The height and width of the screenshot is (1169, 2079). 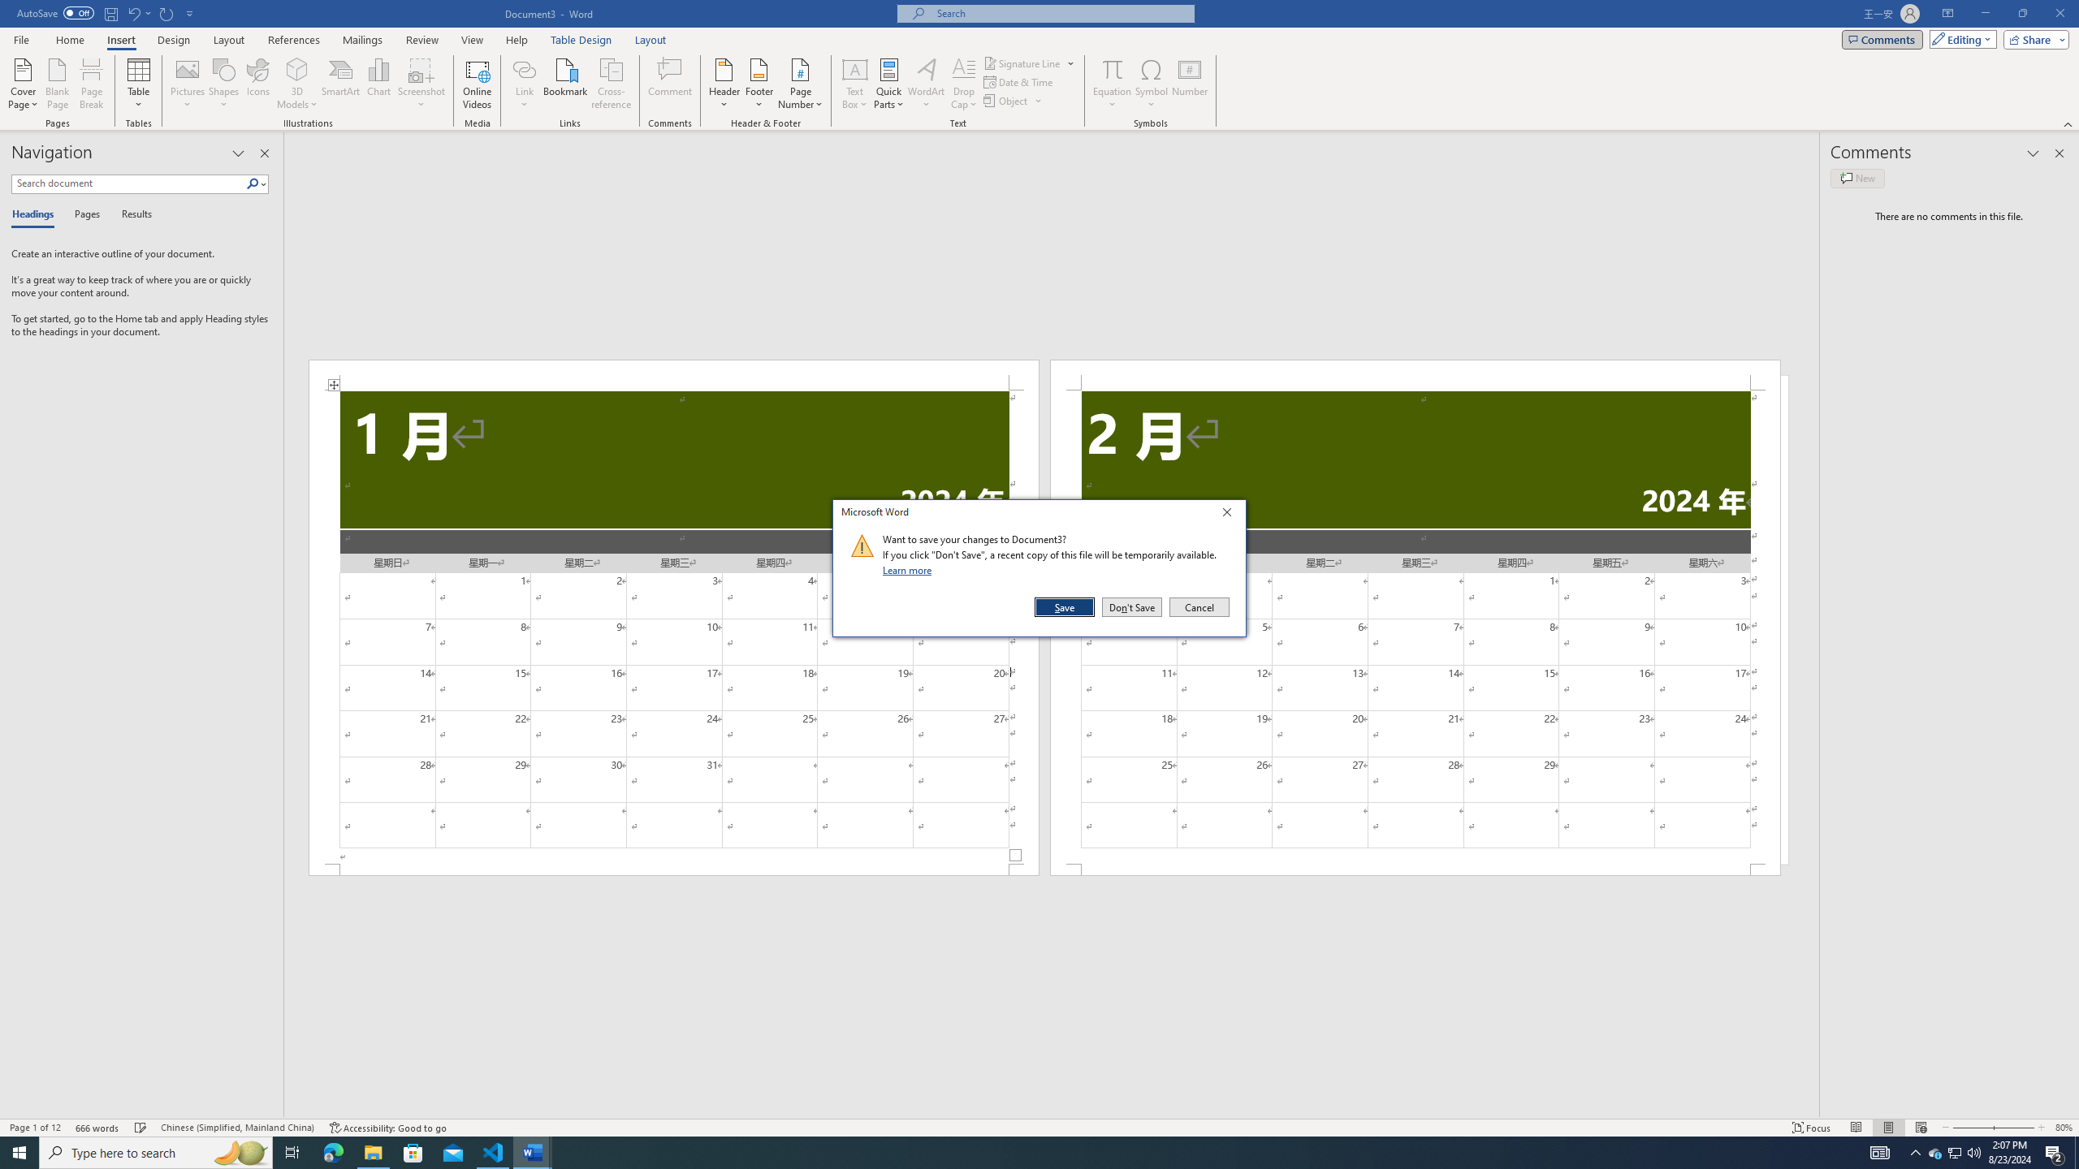 What do you see at coordinates (34, 1128) in the screenshot?
I see `'Page Number Page 1 of 12'` at bounding box center [34, 1128].